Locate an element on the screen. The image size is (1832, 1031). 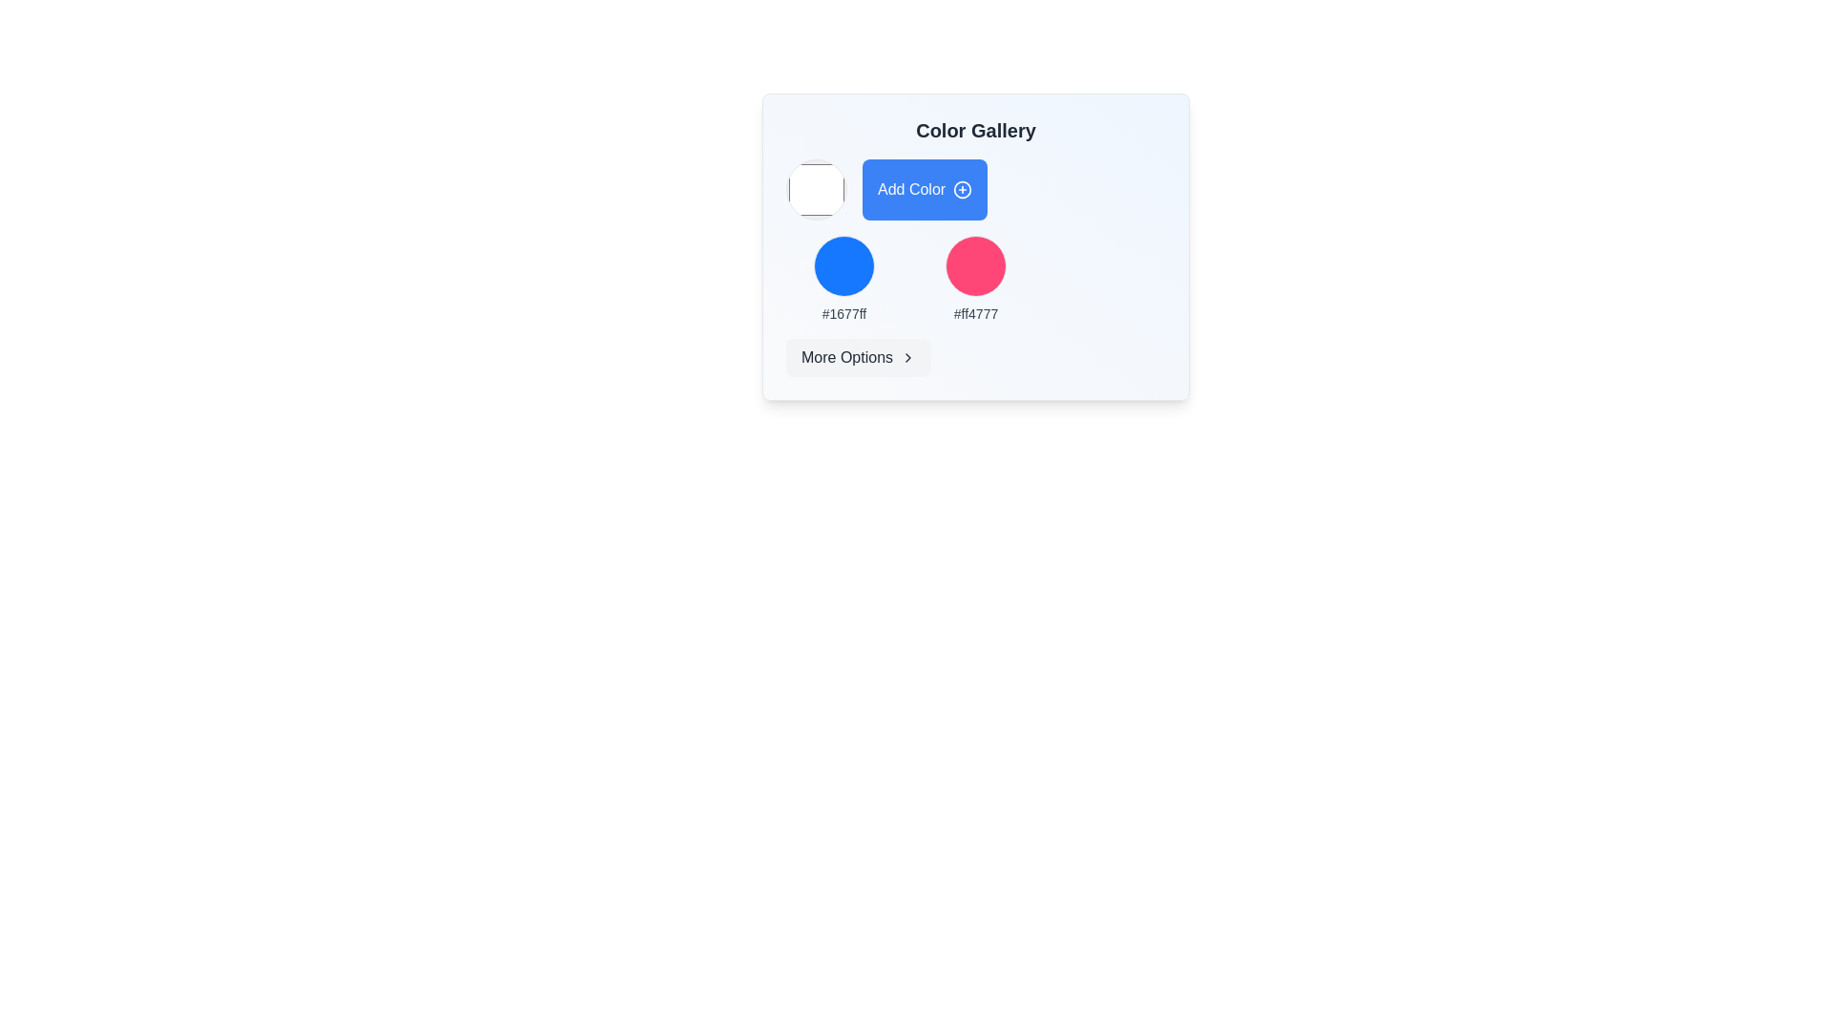
the static, non-interactive color swatch representing the color #ff4777, which is the second item in a three-column grid layout is located at coordinates (975, 280).